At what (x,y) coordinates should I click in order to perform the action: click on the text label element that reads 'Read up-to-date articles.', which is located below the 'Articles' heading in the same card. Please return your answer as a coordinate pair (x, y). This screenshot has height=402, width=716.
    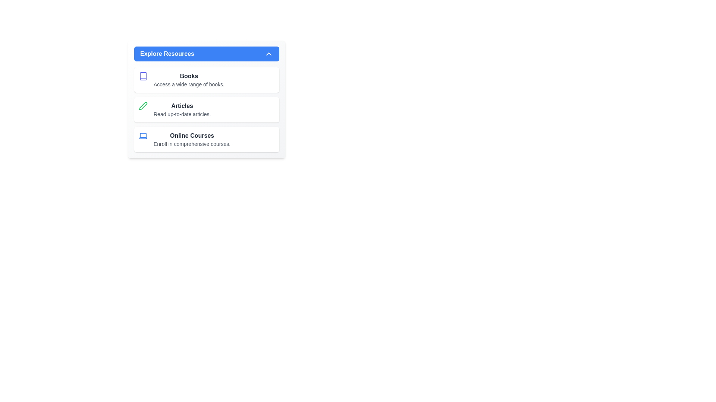
    Looking at the image, I should click on (182, 114).